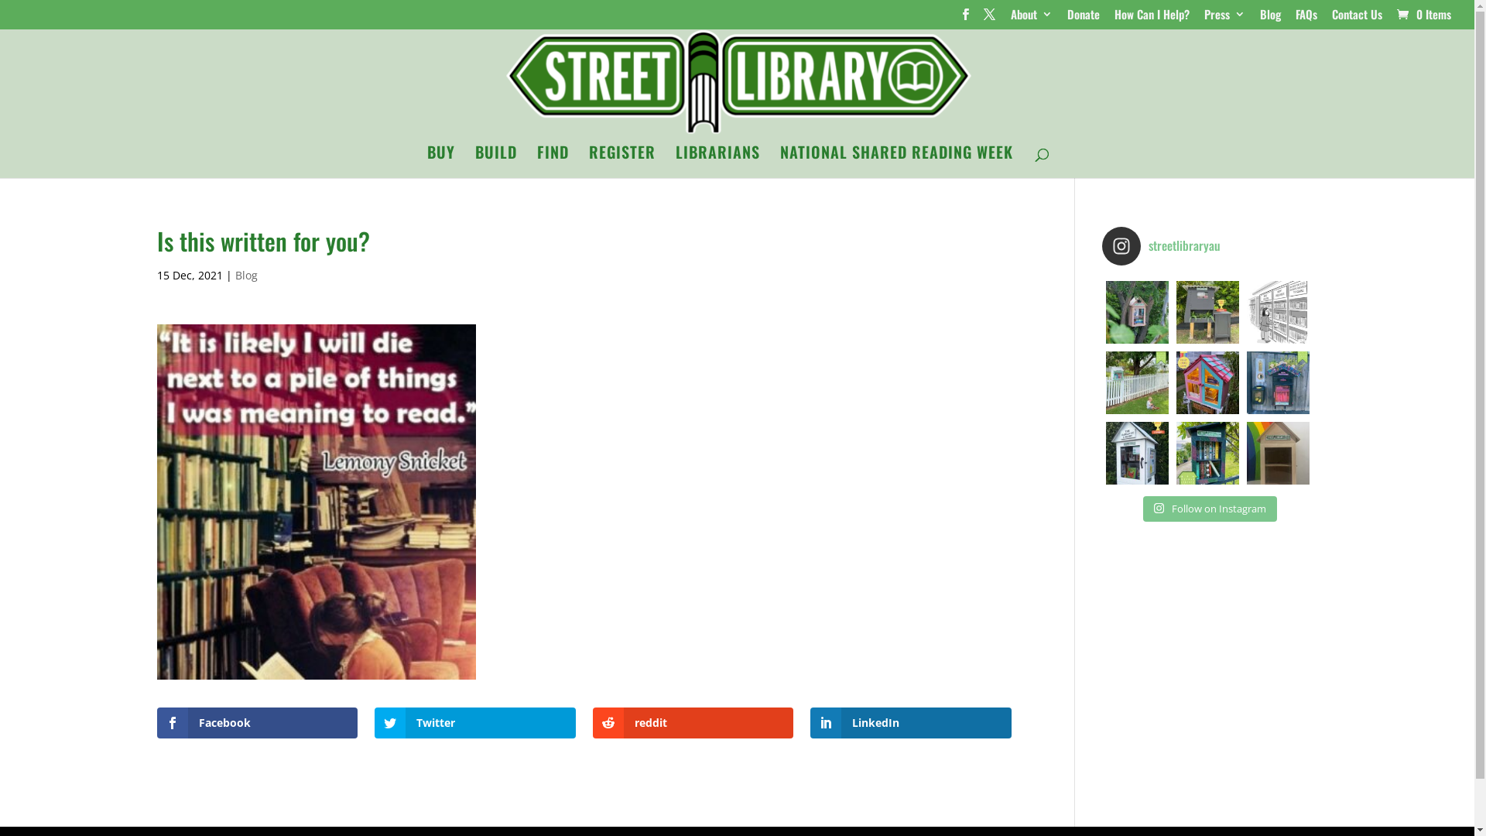  What do you see at coordinates (1270, 18) in the screenshot?
I see `'Blog'` at bounding box center [1270, 18].